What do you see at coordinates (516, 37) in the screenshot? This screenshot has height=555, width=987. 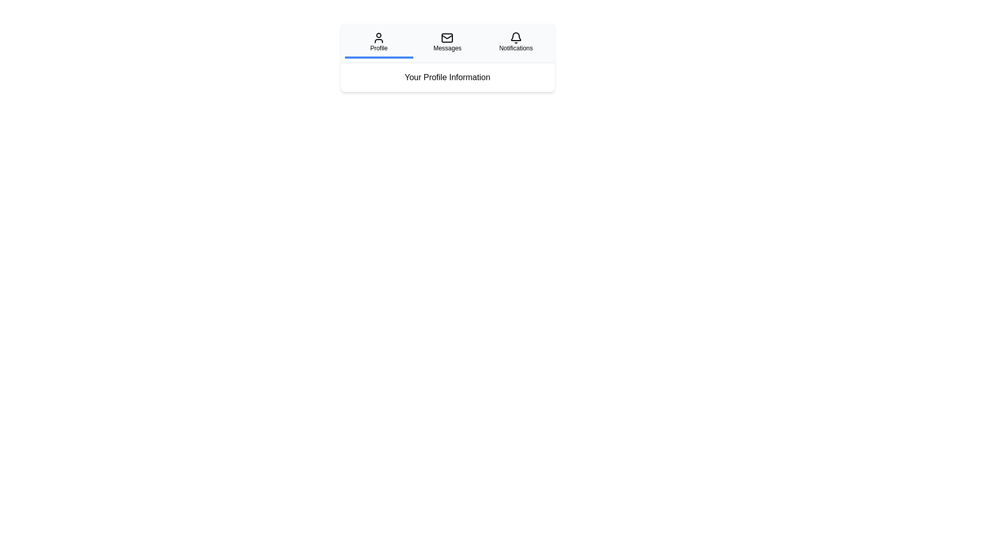 I see `the bell icon located at the top-right section of the navigation bar, which symbolizes the 'Notifications' section` at bounding box center [516, 37].